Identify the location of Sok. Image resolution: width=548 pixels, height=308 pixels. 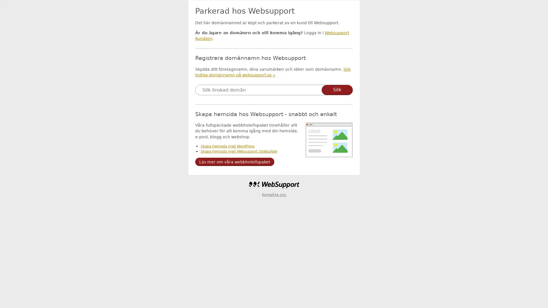
(337, 90).